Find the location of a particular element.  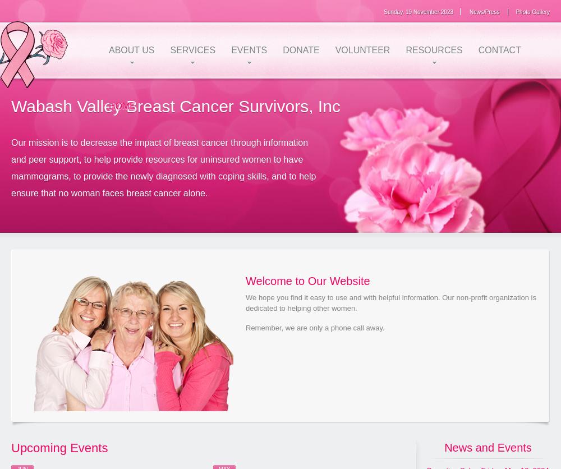

'ensure that no woman faces breast cancer alone.' is located at coordinates (109, 192).